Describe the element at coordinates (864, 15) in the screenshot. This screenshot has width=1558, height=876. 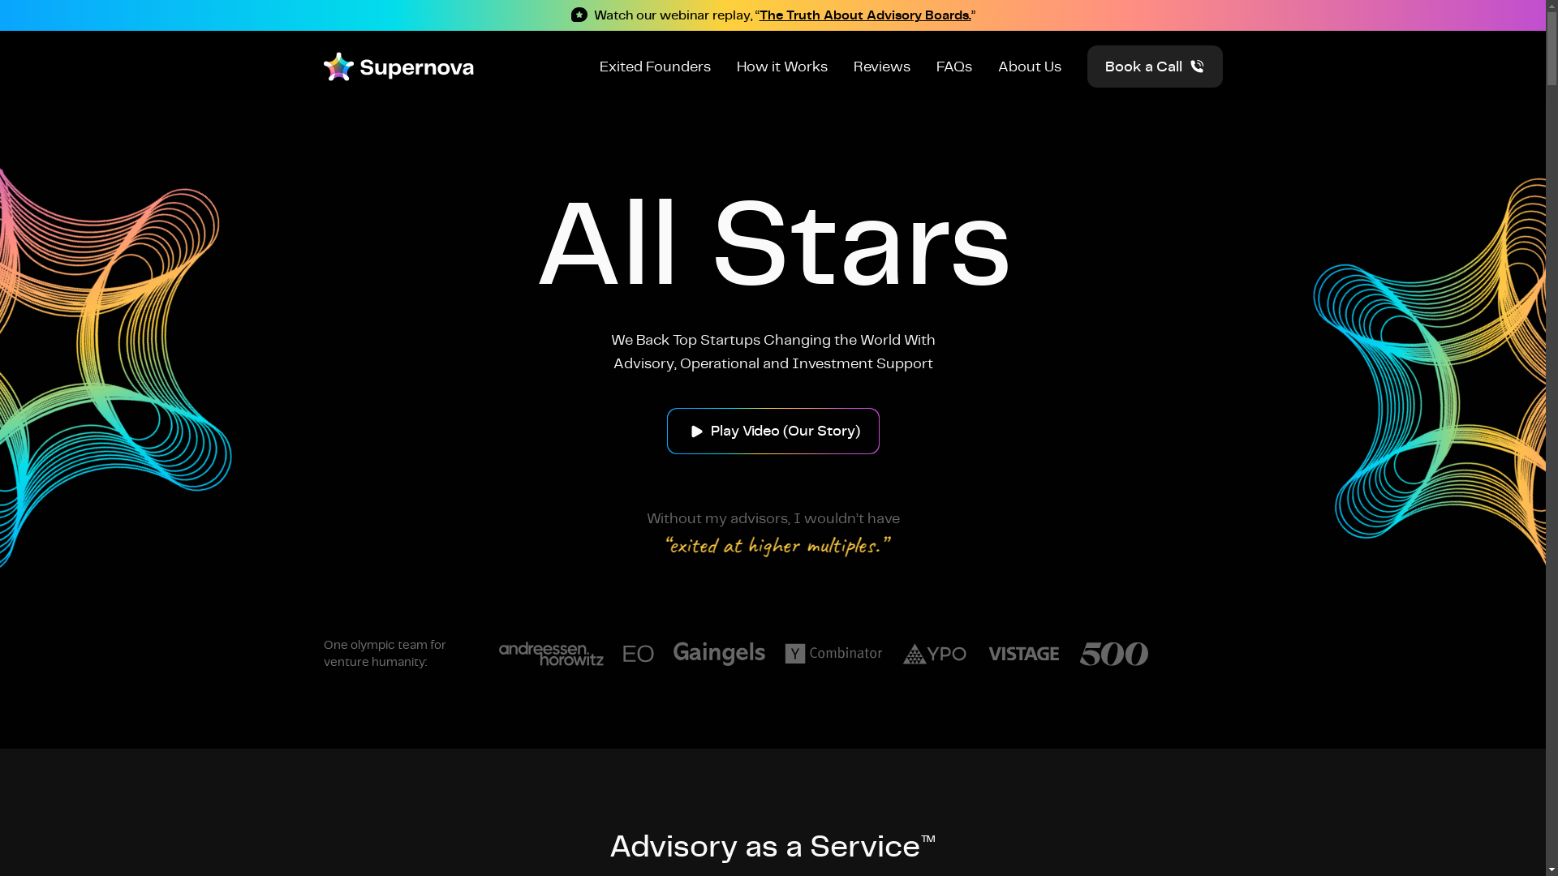
I see `'The Truth About Advisory Boards.'` at that location.